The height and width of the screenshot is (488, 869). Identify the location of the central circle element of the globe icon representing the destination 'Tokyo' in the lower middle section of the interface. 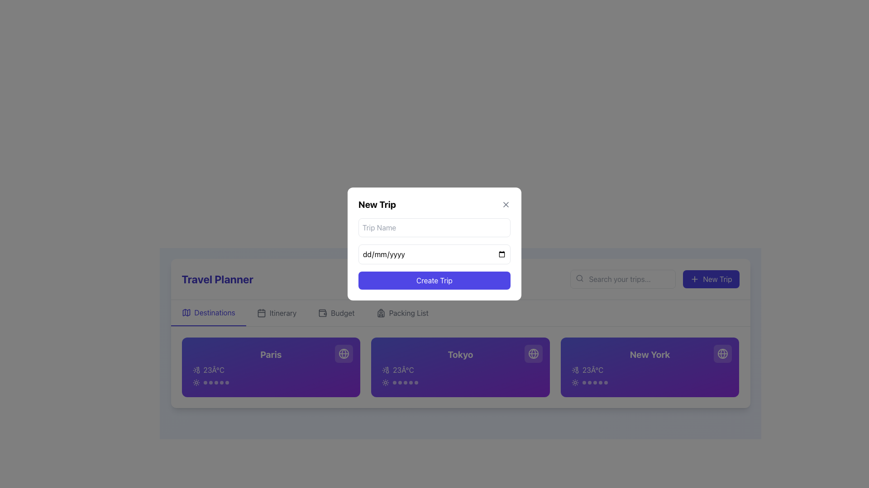
(533, 353).